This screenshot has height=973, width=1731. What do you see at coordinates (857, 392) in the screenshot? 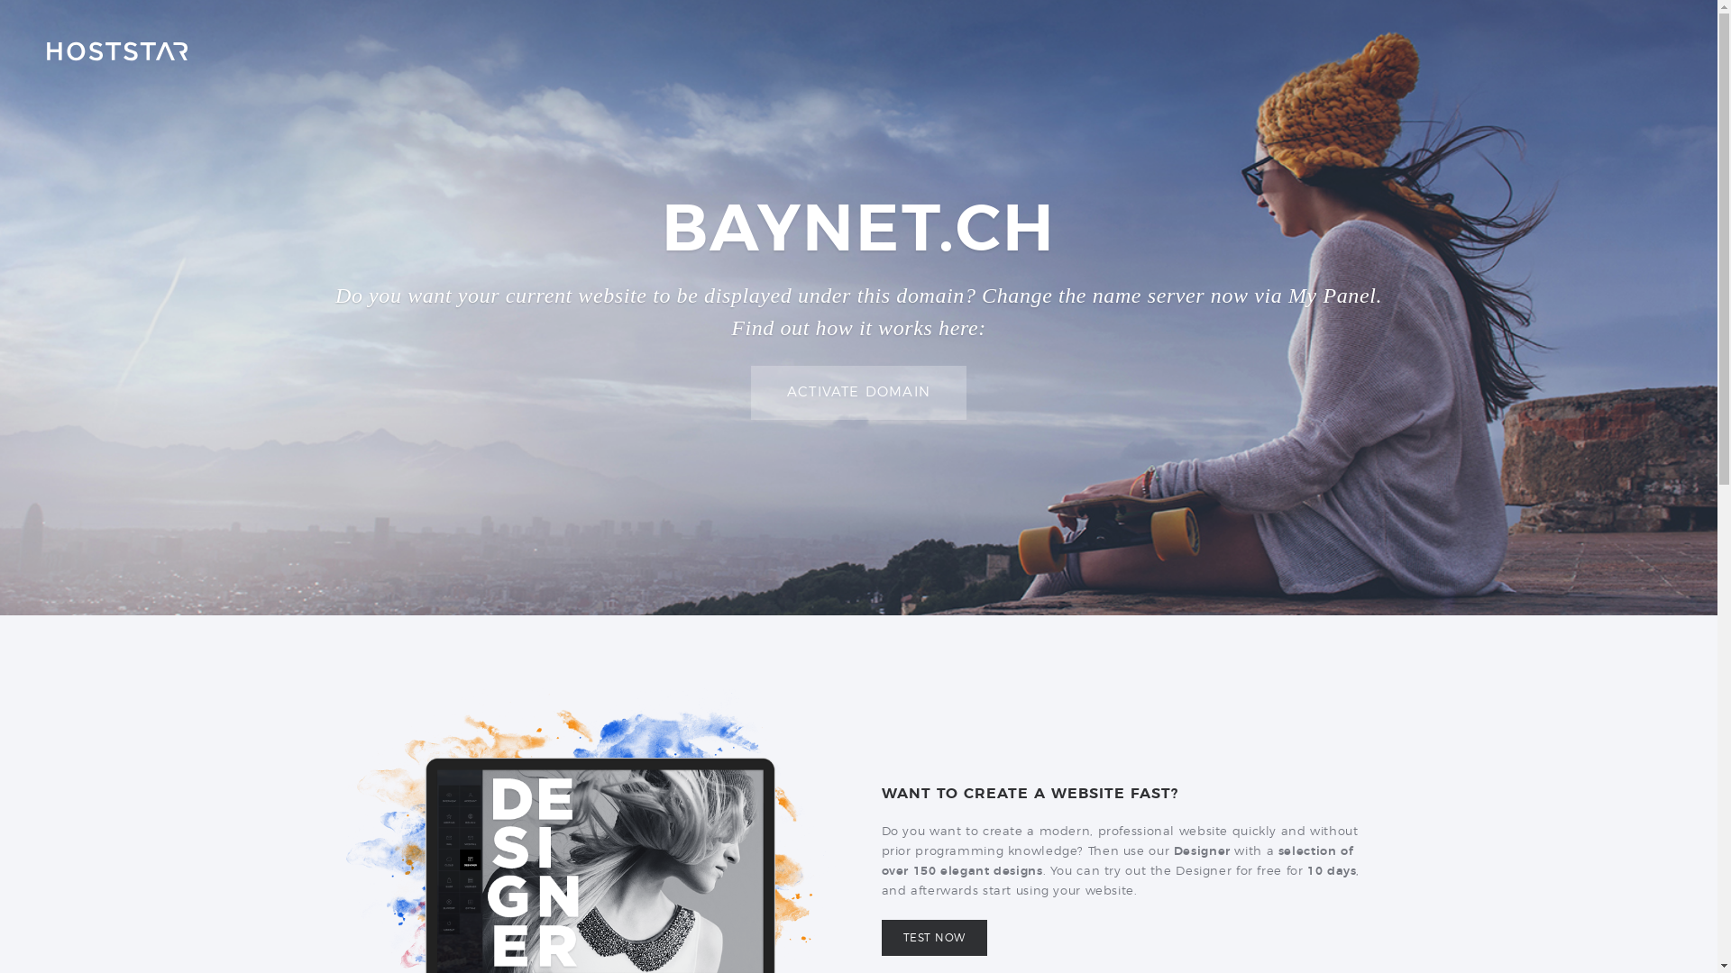
I see `'ACTIVATE DOMAIN'` at bounding box center [857, 392].